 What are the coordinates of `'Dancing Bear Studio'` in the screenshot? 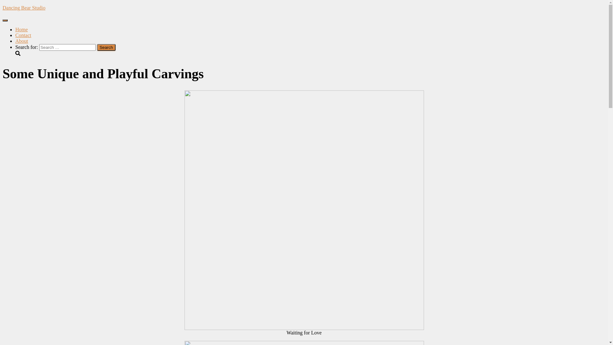 It's located at (304, 8).